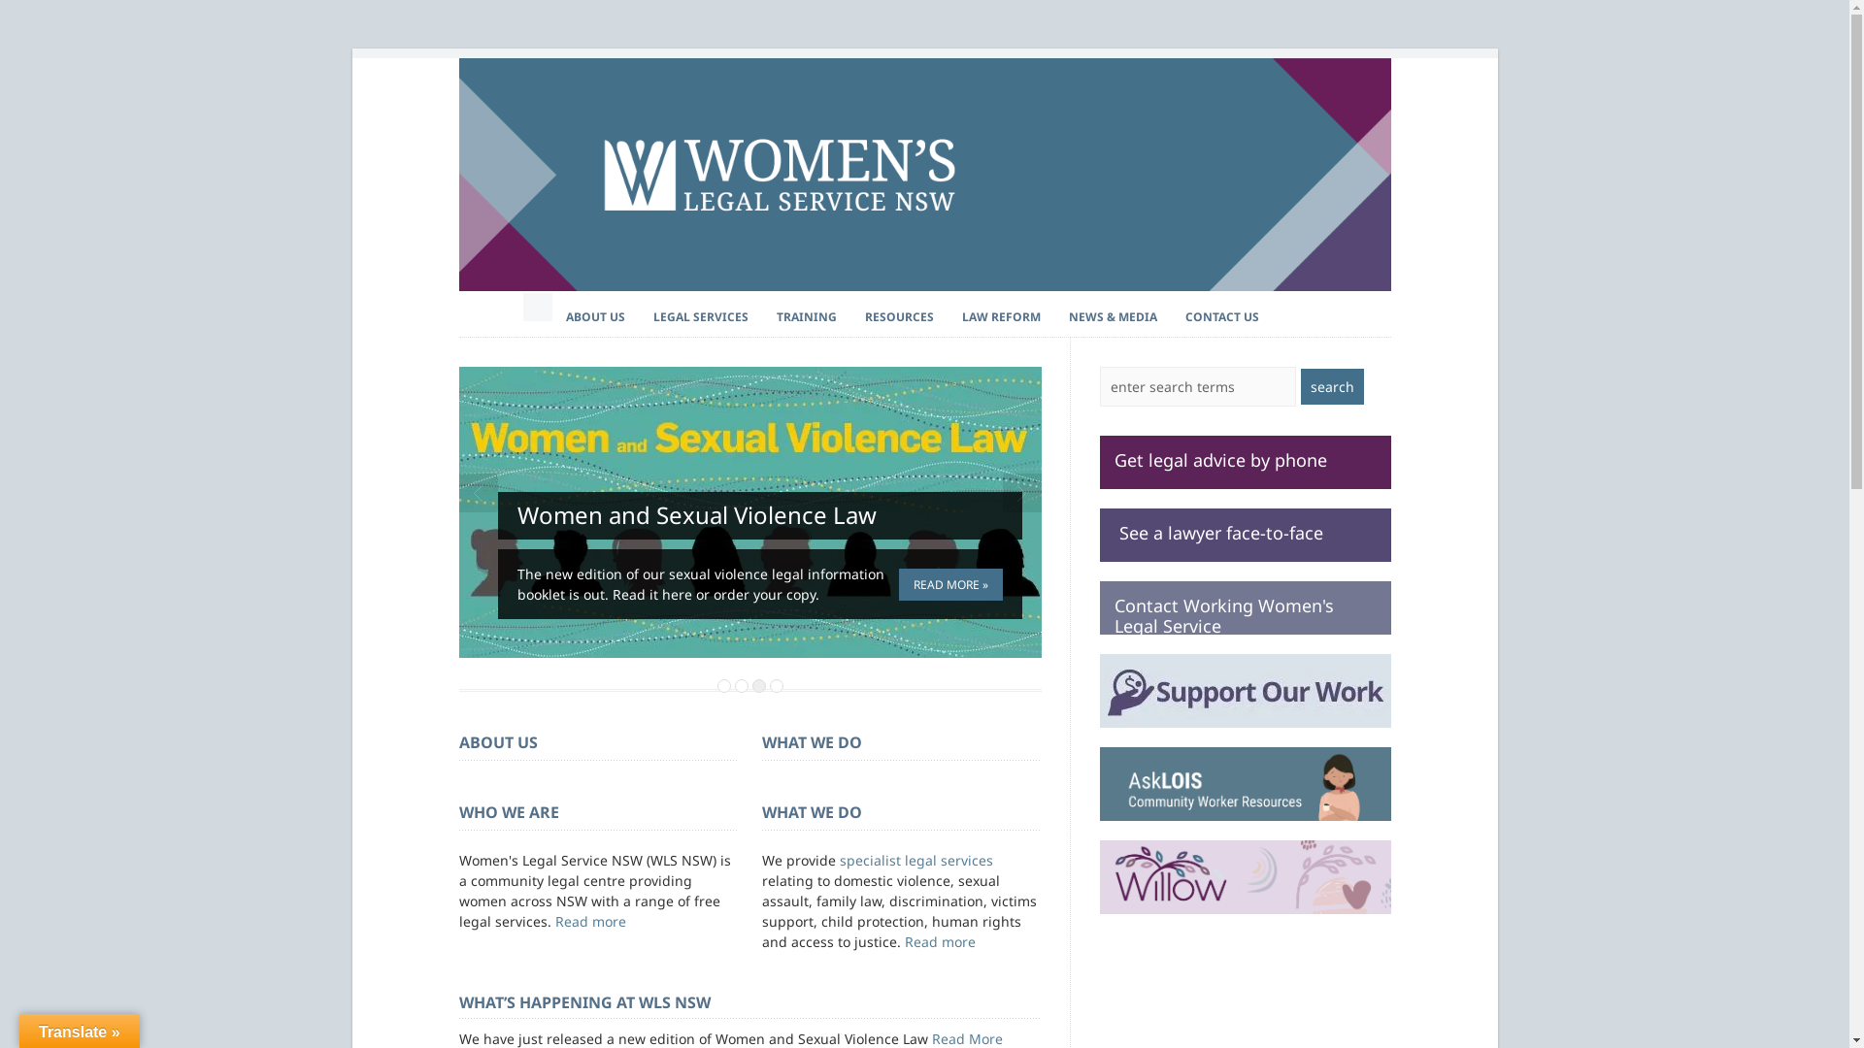 The height and width of the screenshot is (1048, 1864). I want to click on 'Read more', so click(940, 940).